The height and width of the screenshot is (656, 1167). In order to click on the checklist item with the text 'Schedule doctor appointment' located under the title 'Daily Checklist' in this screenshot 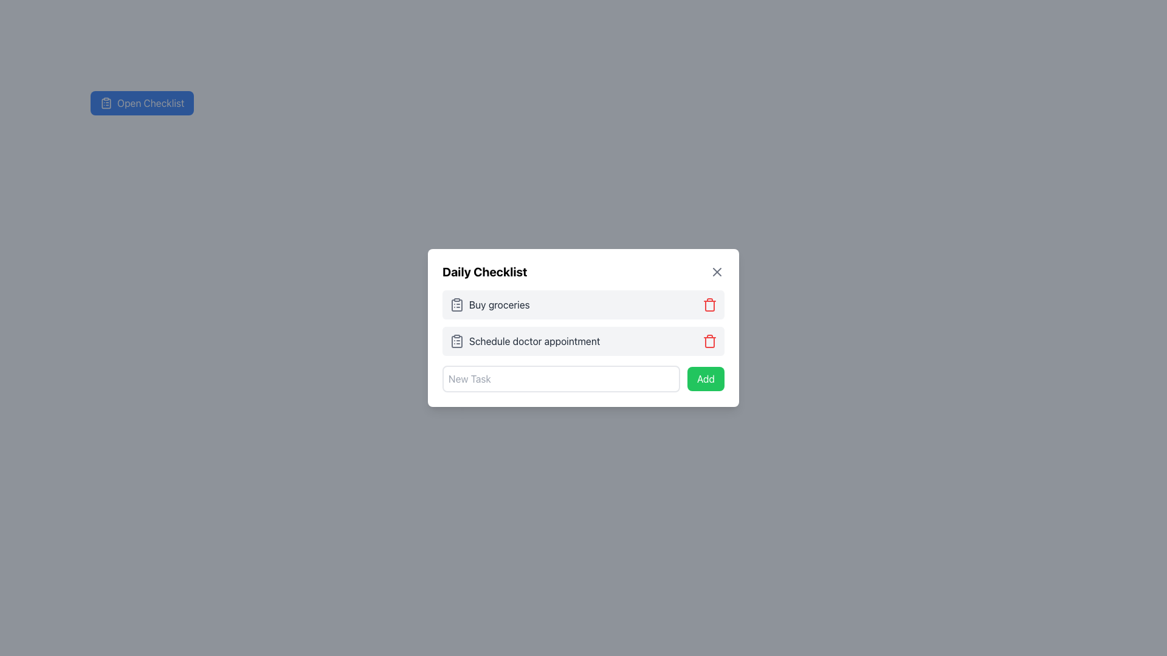, I will do `click(525, 341)`.